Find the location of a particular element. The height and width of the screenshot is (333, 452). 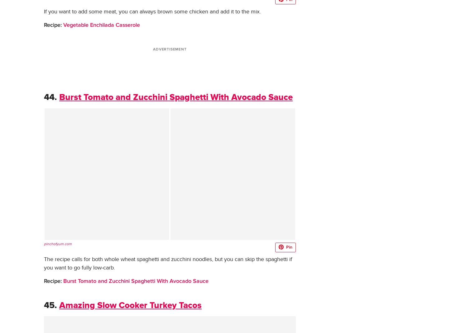

'pinchofyum.com' is located at coordinates (57, 243).